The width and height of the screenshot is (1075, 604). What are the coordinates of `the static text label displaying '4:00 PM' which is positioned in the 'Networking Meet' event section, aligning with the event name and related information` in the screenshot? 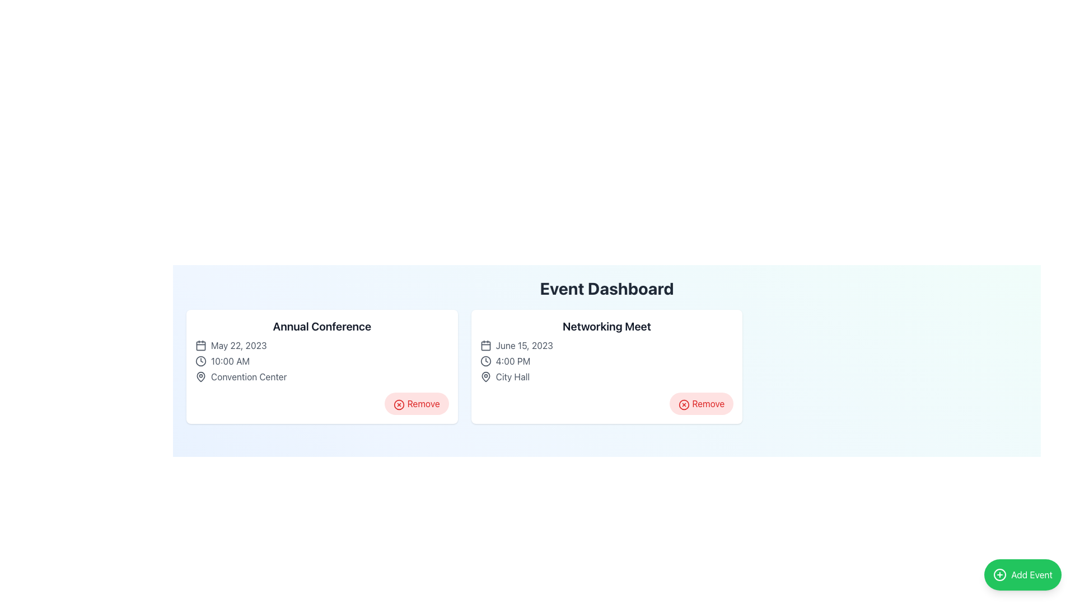 It's located at (512, 361).